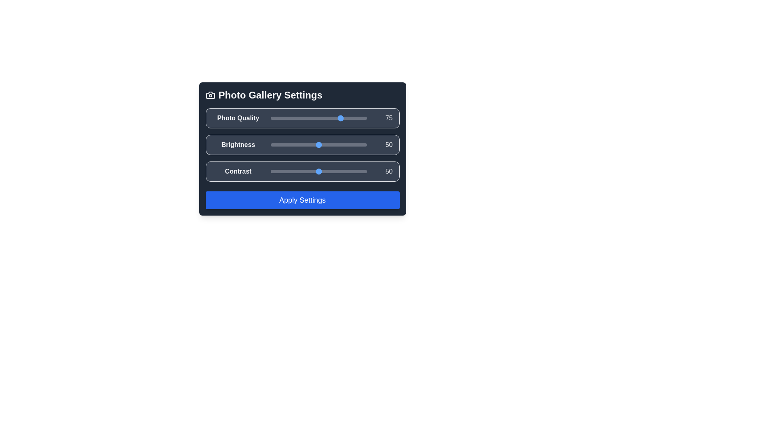 Image resolution: width=776 pixels, height=436 pixels. What do you see at coordinates (363, 144) in the screenshot?
I see `the brightness level` at bounding box center [363, 144].